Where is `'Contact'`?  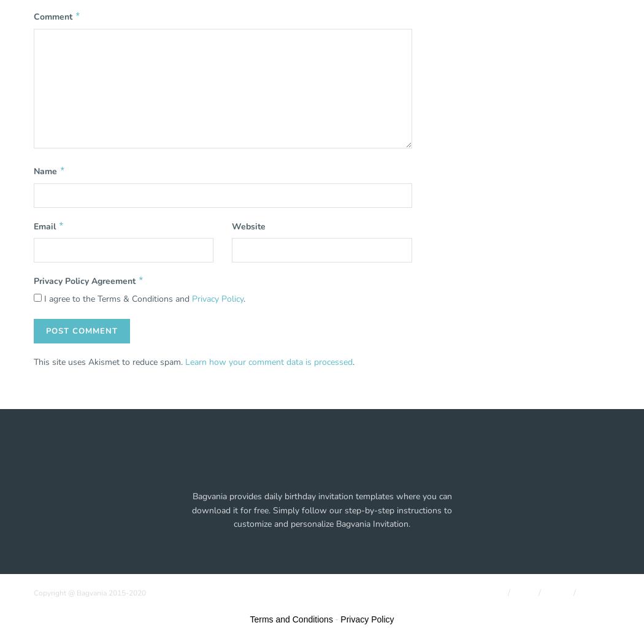 'Contact' is located at coordinates (581, 592).